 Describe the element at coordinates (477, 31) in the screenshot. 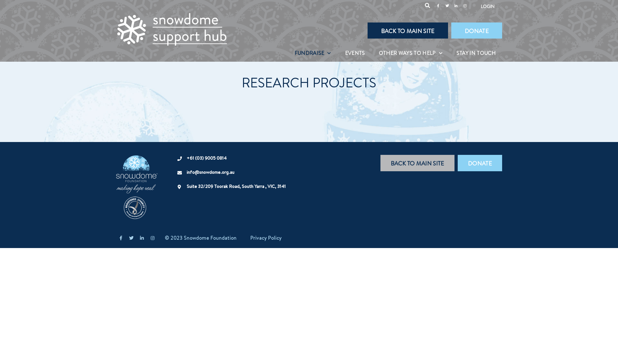

I see `'DONATE'` at that location.